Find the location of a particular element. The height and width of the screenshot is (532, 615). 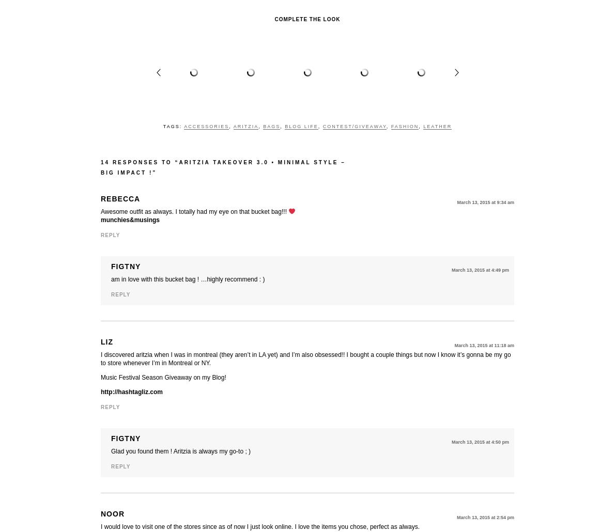

'Glad you found them ! Aritzia is always my go-to ; )' is located at coordinates (180, 451).